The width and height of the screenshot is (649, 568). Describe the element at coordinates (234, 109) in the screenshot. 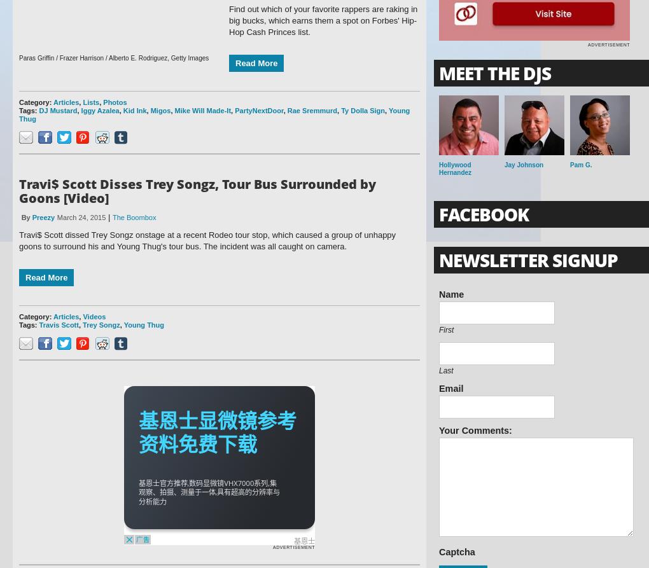

I see `'PartyNextDoor'` at that location.